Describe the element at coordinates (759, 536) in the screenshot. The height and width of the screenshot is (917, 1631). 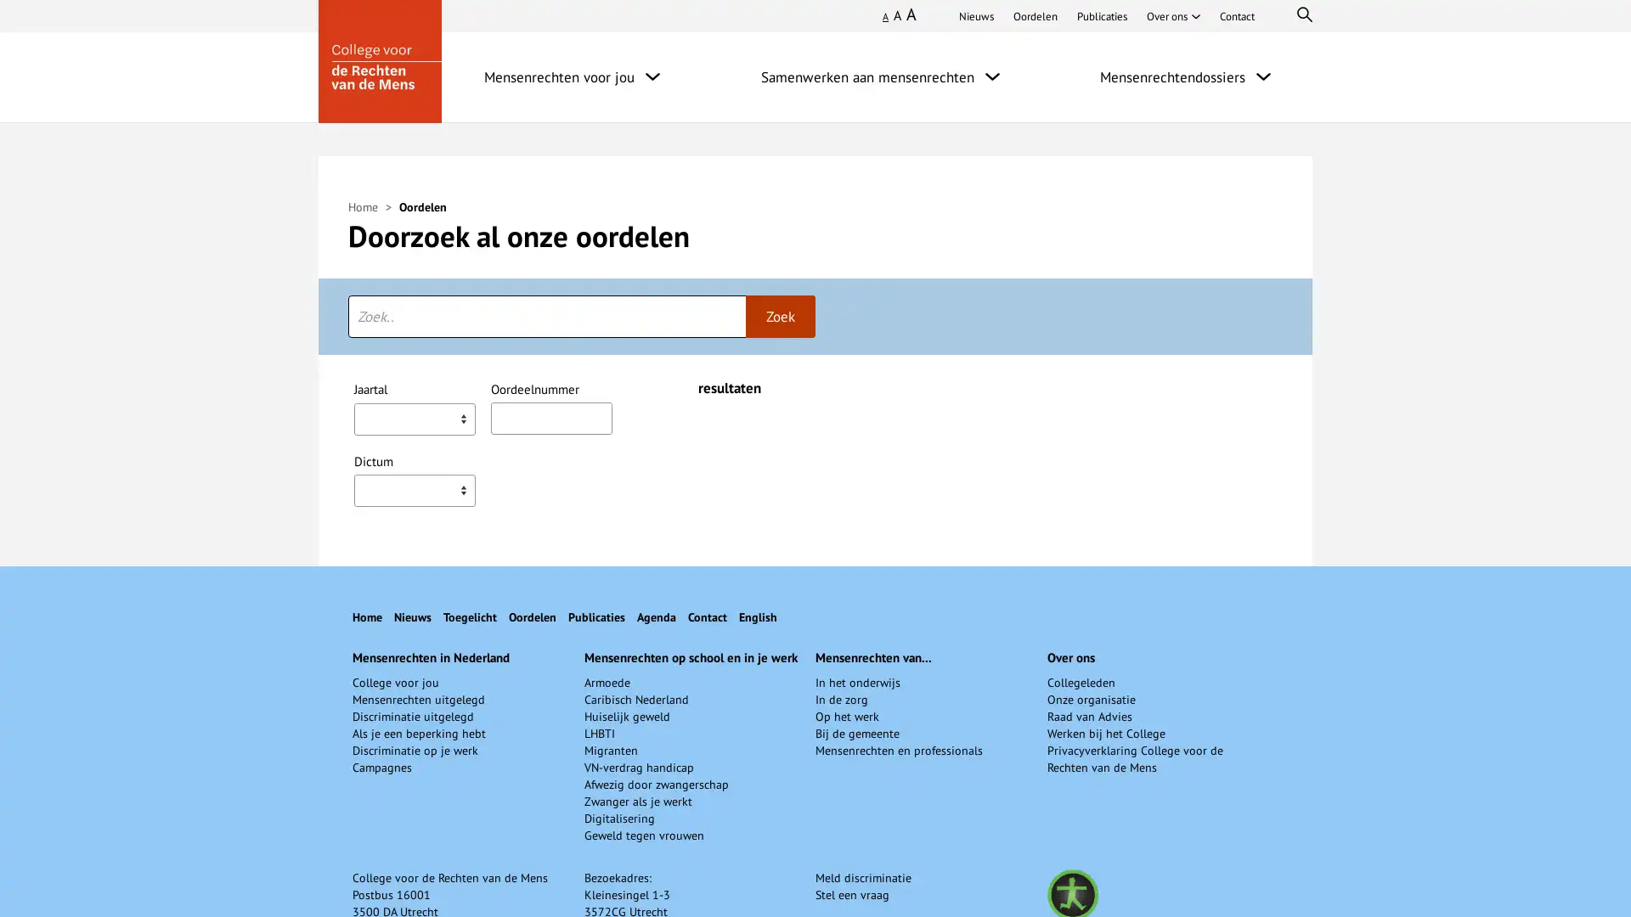
I see `Geslacht` at that location.